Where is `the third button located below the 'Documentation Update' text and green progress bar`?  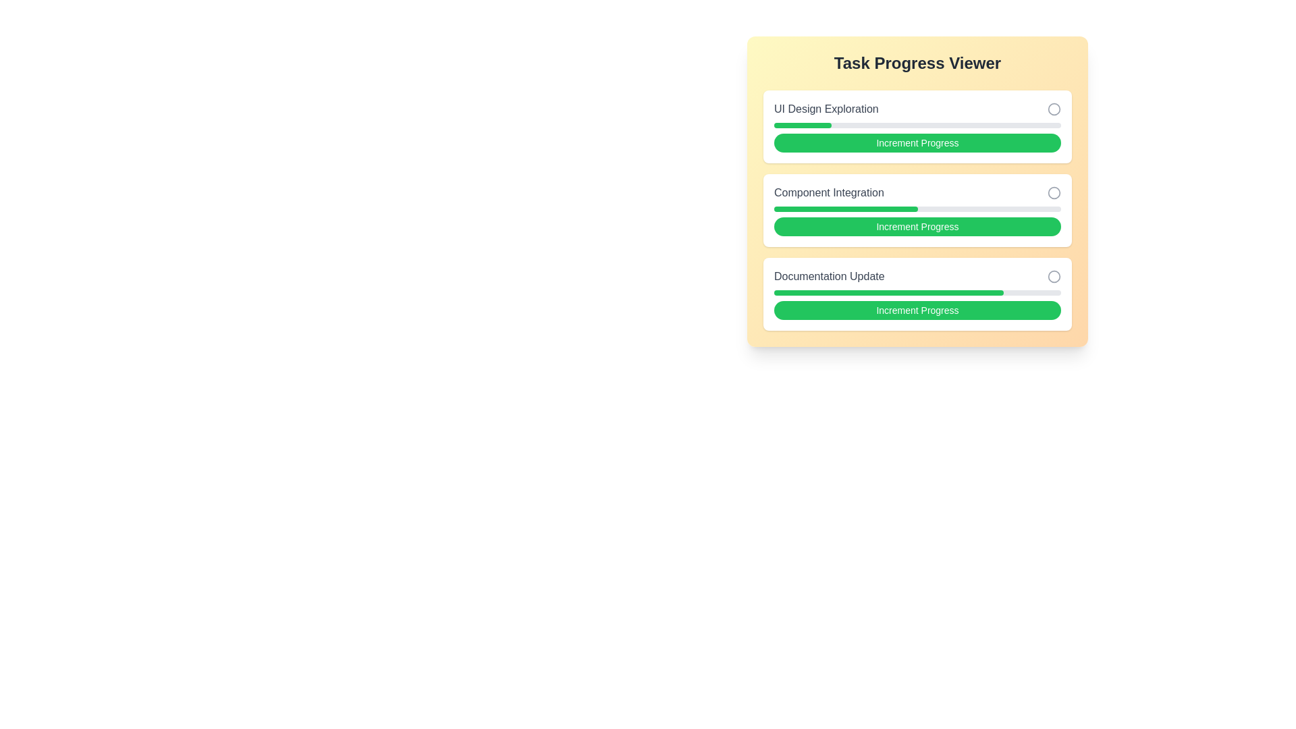
the third button located below the 'Documentation Update' text and green progress bar is located at coordinates (917, 310).